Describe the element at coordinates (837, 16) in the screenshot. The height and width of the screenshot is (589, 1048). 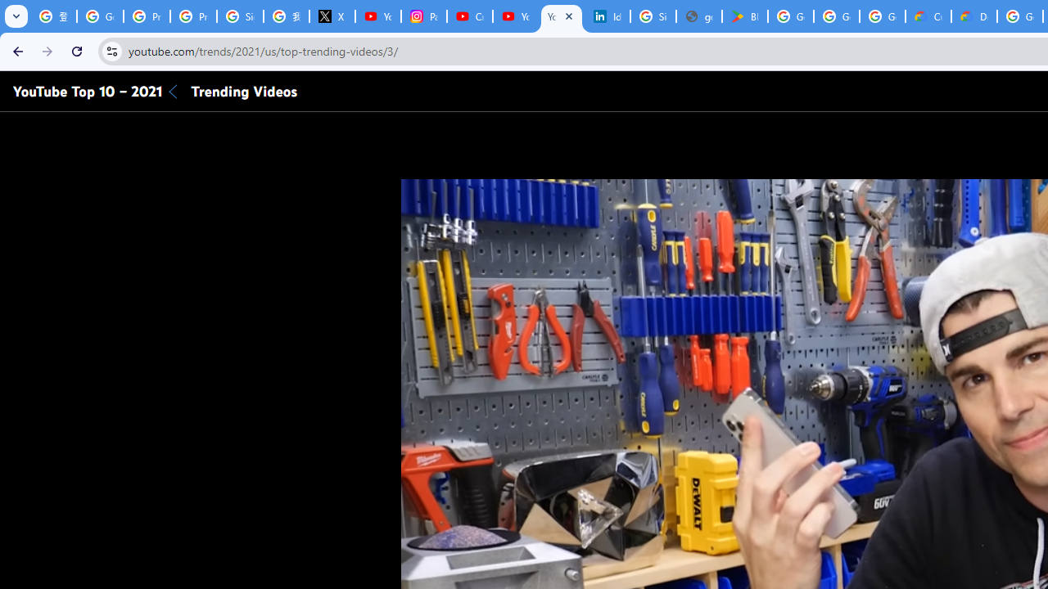
I see `'Google Workspace - Specific Terms'` at that location.